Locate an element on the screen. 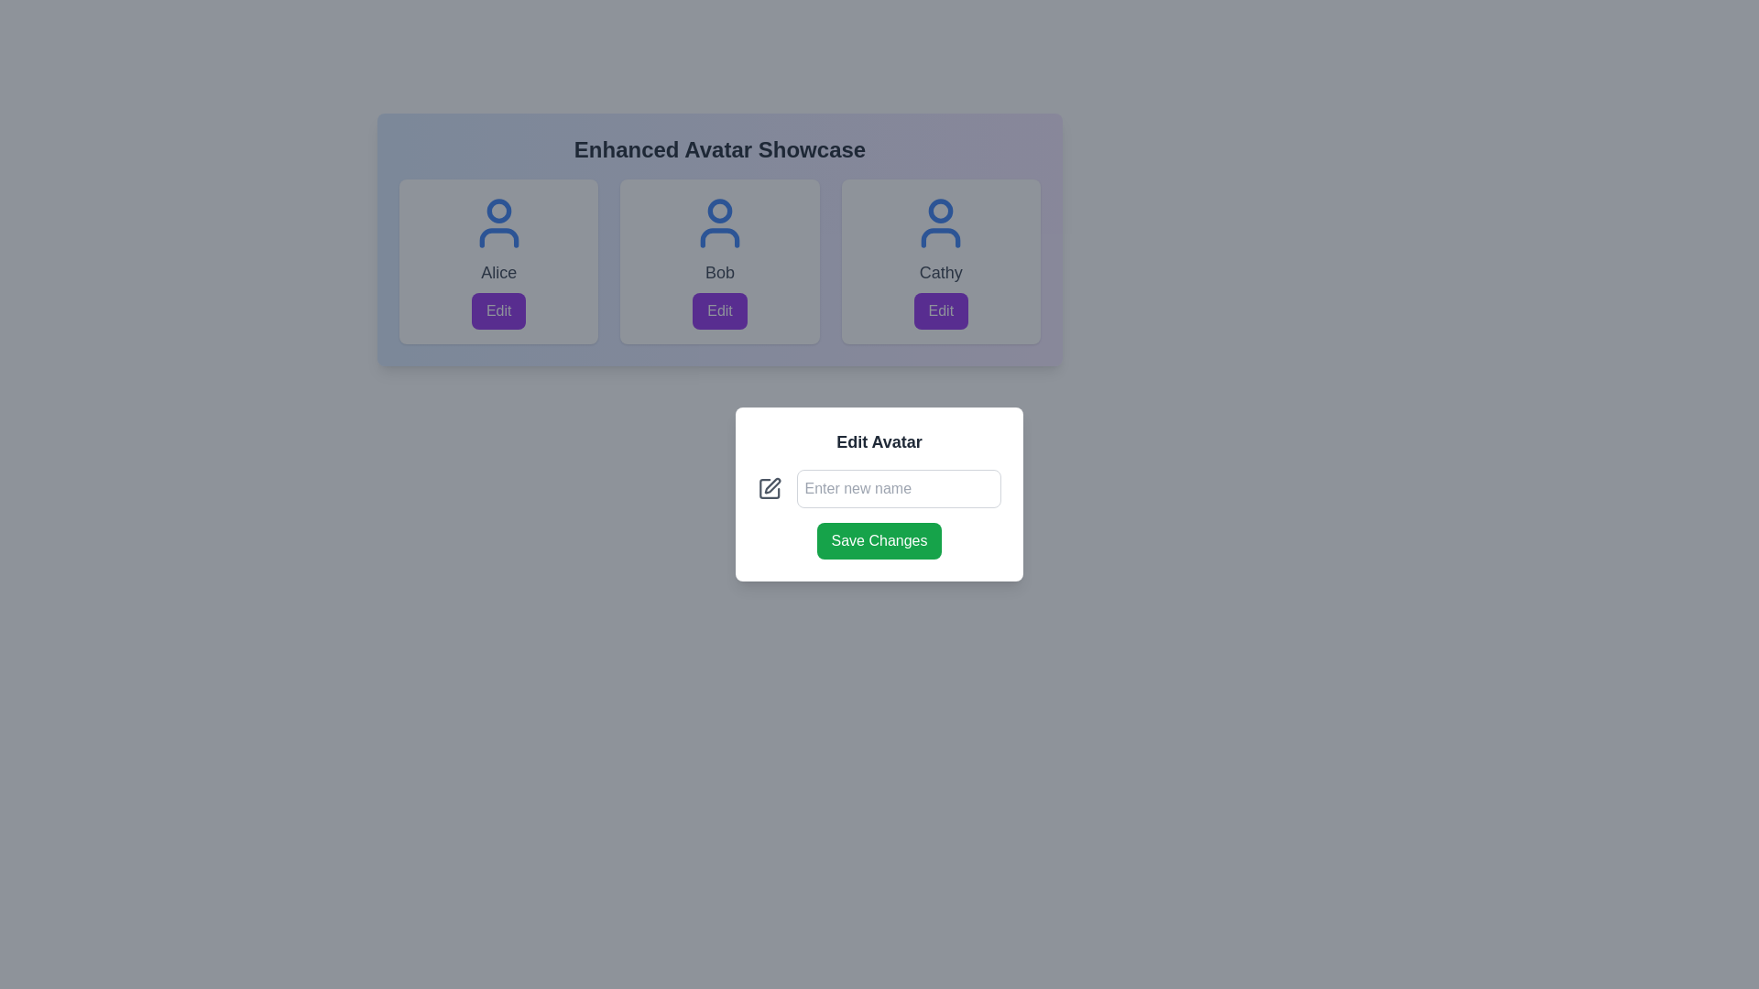 This screenshot has width=1759, height=989. the 'Save Changes' button, which is a rectangular button with a green background and white text, positioned centrally below the input field labeled 'Enter new name' is located at coordinates (879, 539).